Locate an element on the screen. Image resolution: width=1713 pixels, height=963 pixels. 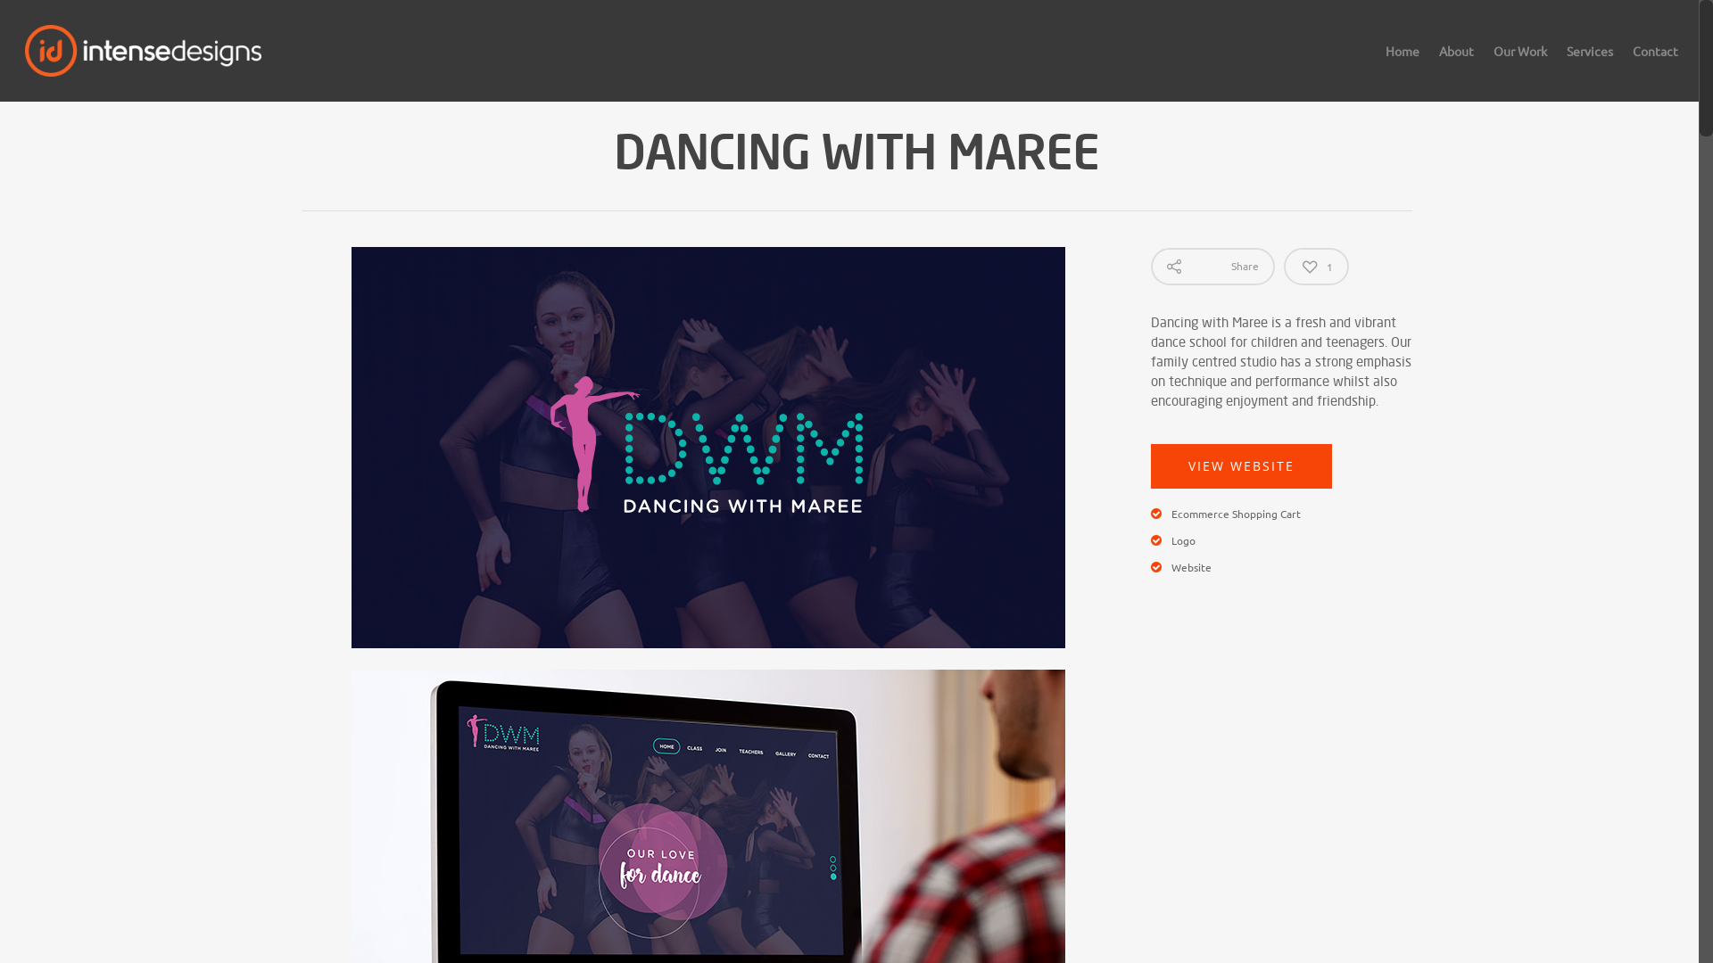
'Contact' is located at coordinates (1654, 62).